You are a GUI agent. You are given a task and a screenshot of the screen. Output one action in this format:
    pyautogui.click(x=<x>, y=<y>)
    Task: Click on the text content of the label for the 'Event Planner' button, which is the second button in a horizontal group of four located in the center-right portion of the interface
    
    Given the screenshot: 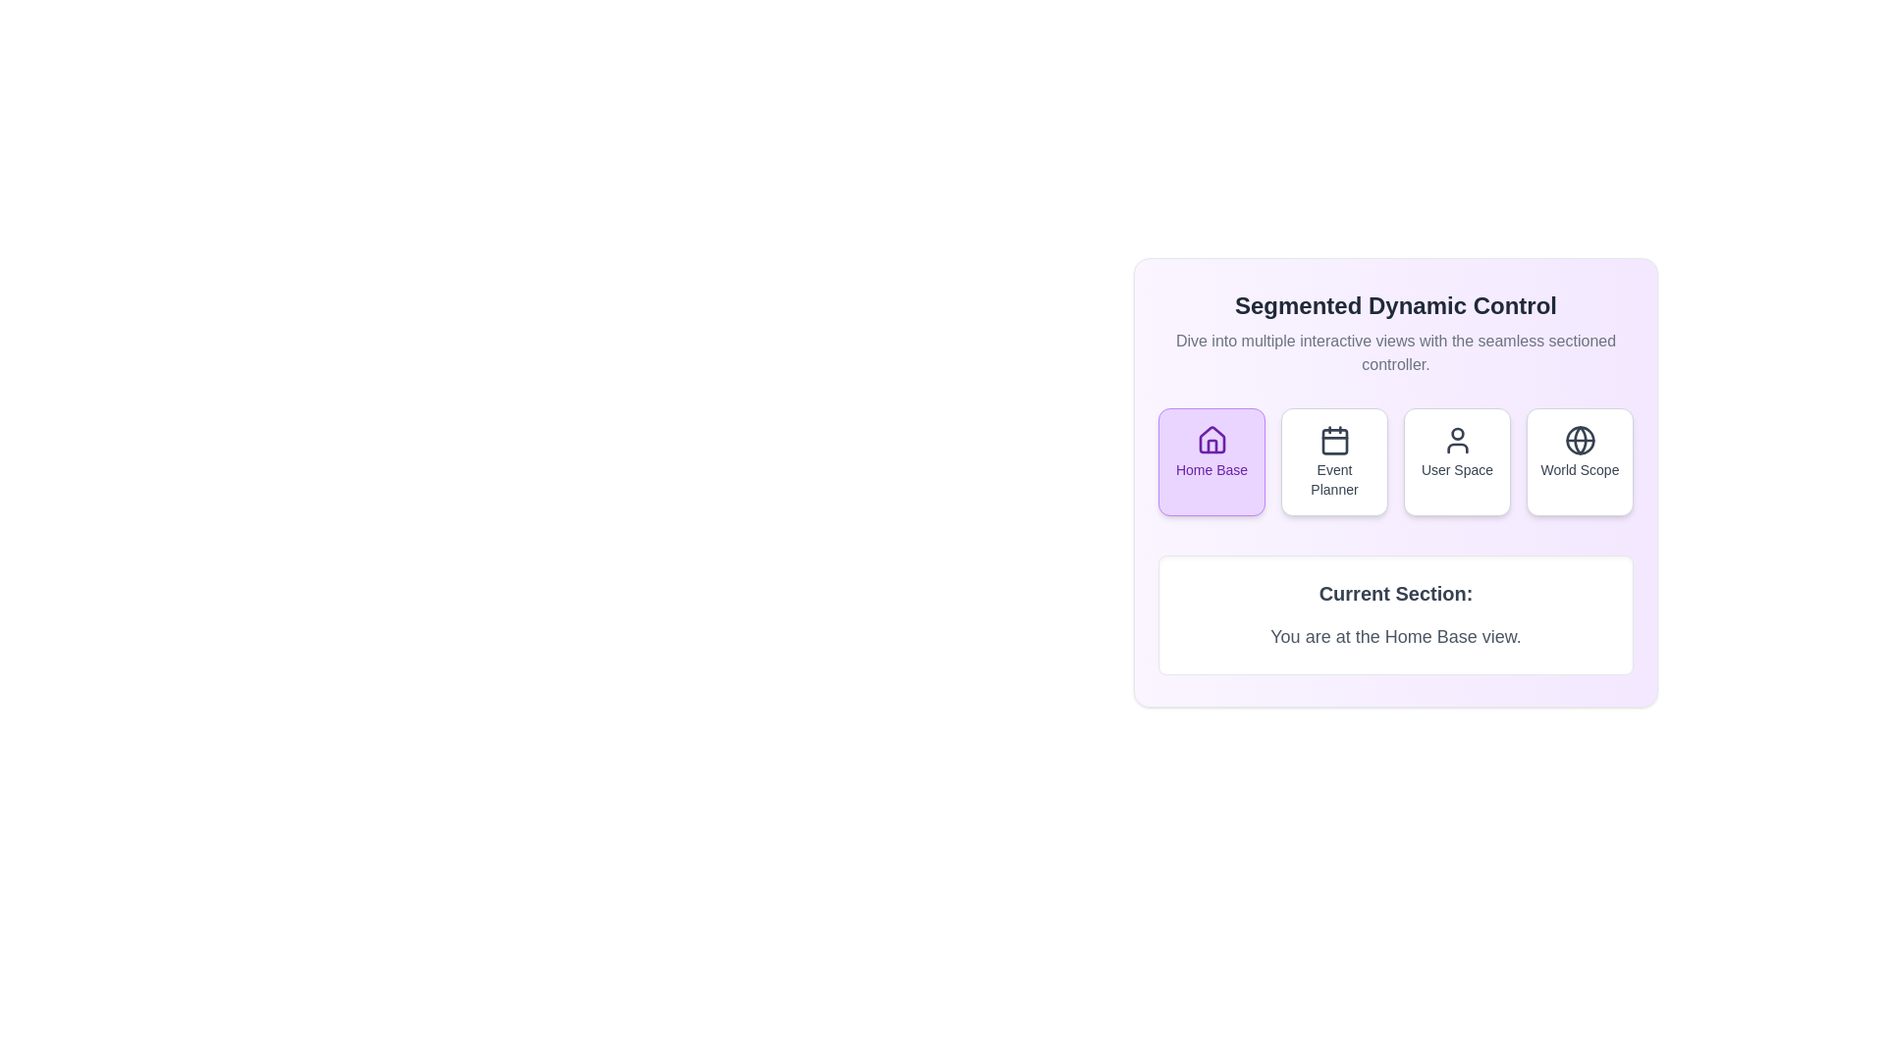 What is the action you would take?
    pyautogui.click(x=1334, y=480)
    